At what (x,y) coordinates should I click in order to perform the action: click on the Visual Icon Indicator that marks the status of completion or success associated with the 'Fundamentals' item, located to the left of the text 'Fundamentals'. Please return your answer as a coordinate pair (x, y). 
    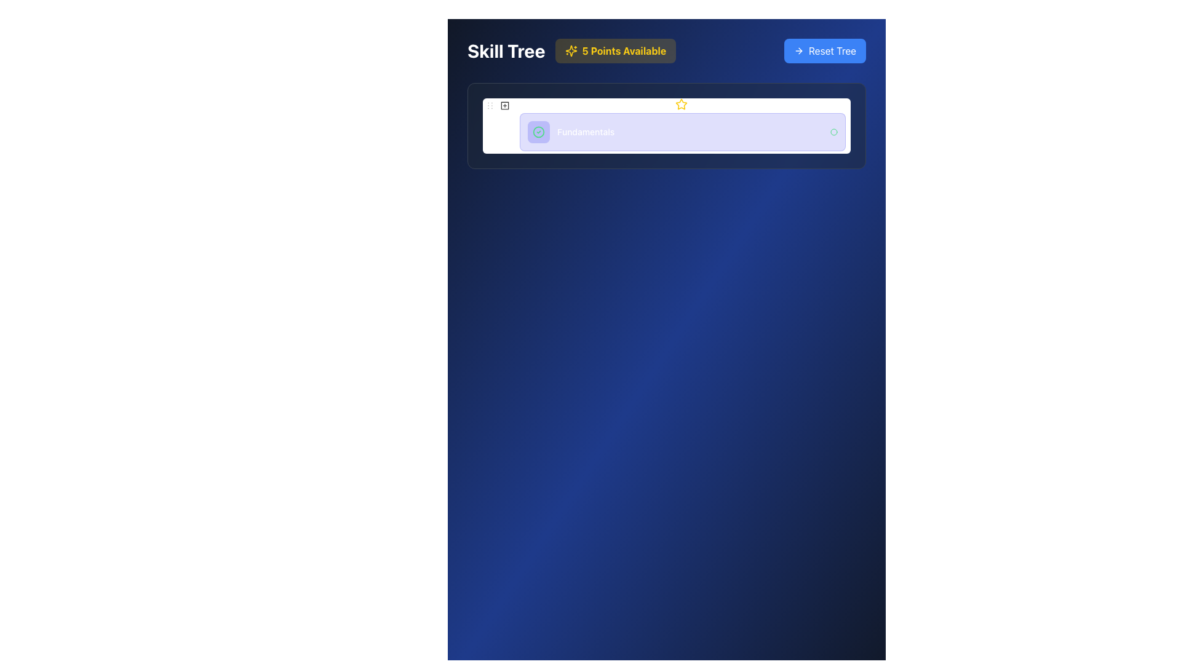
    Looking at the image, I should click on (538, 132).